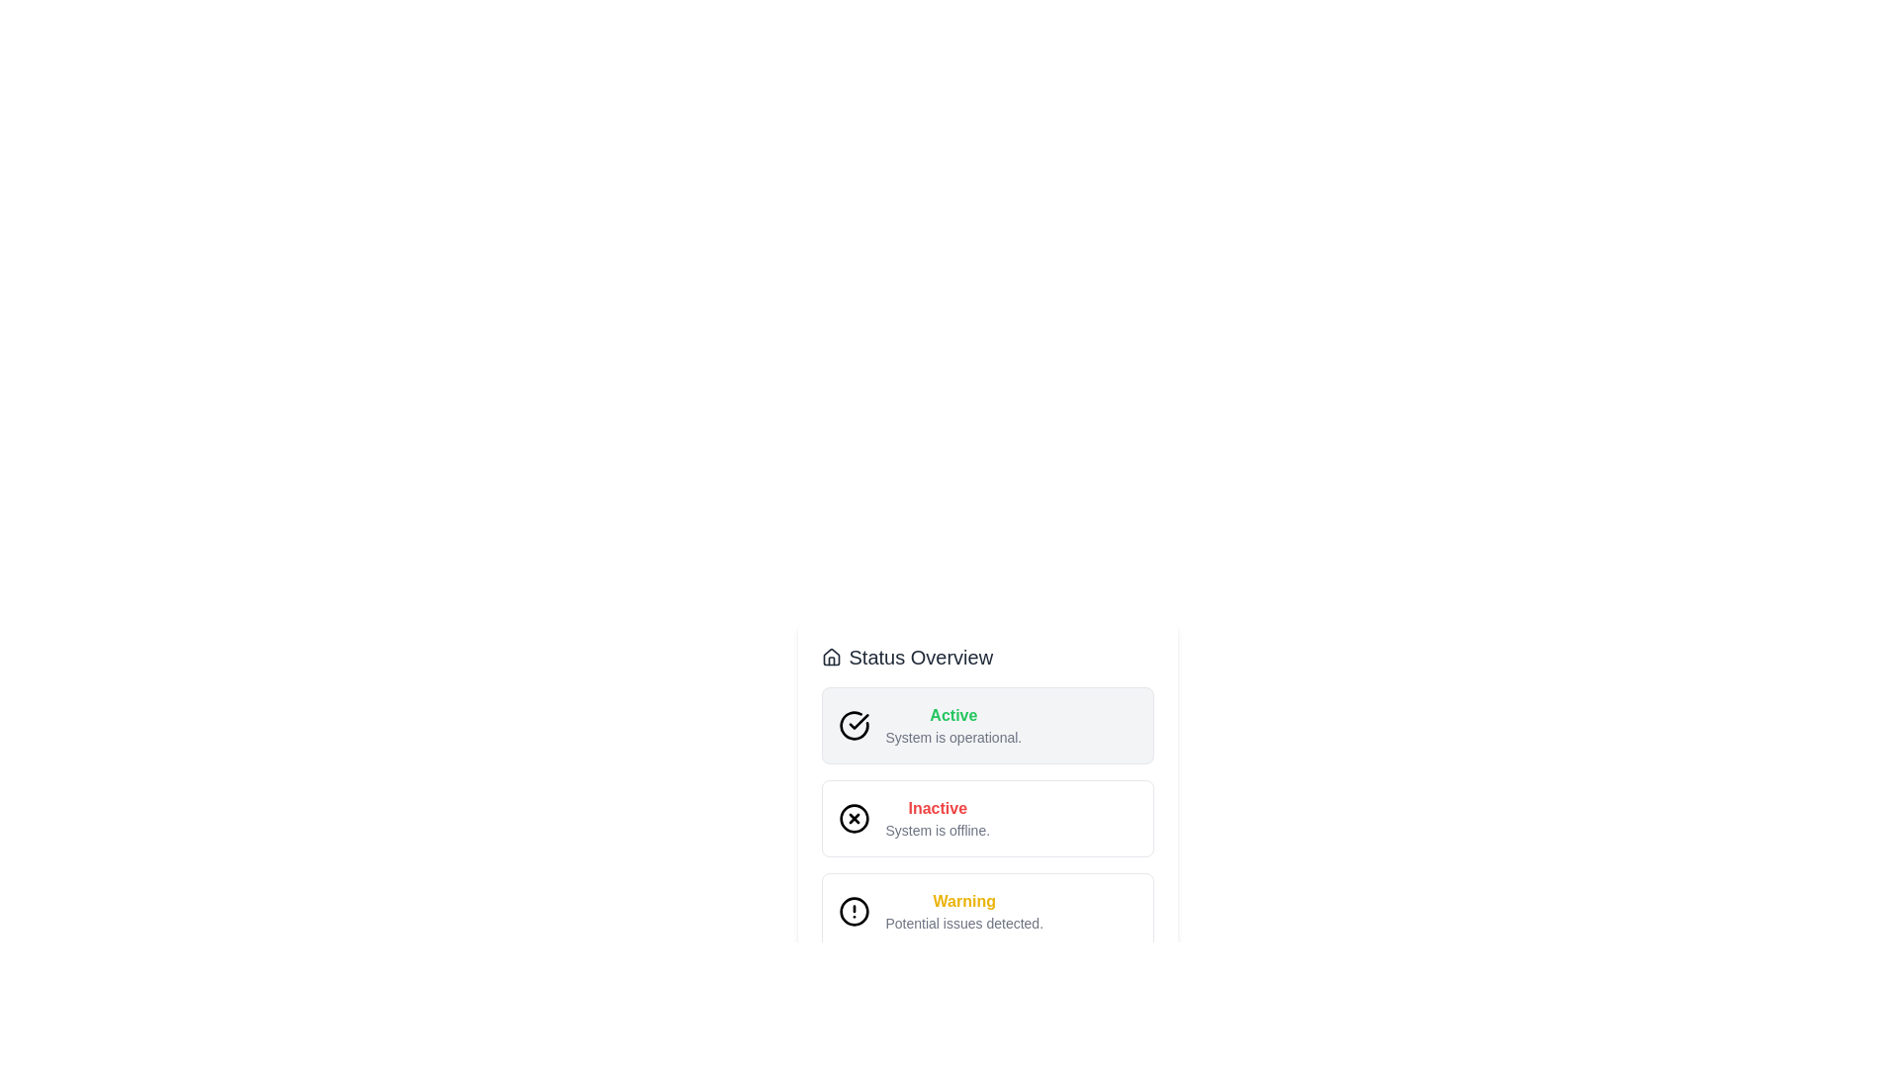 The image size is (1899, 1068). I want to click on the circular warning icon located to the left of the 'Warning Potential issues detected.' text block in the lower part of the status list, so click(854, 911).